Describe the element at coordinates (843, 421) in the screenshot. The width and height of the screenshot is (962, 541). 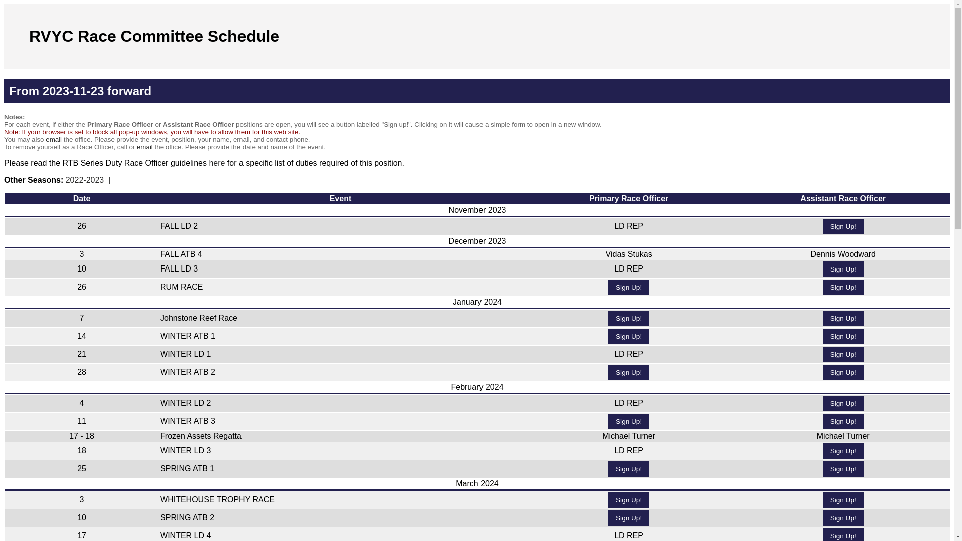
I see `'Sign Up!'` at that location.